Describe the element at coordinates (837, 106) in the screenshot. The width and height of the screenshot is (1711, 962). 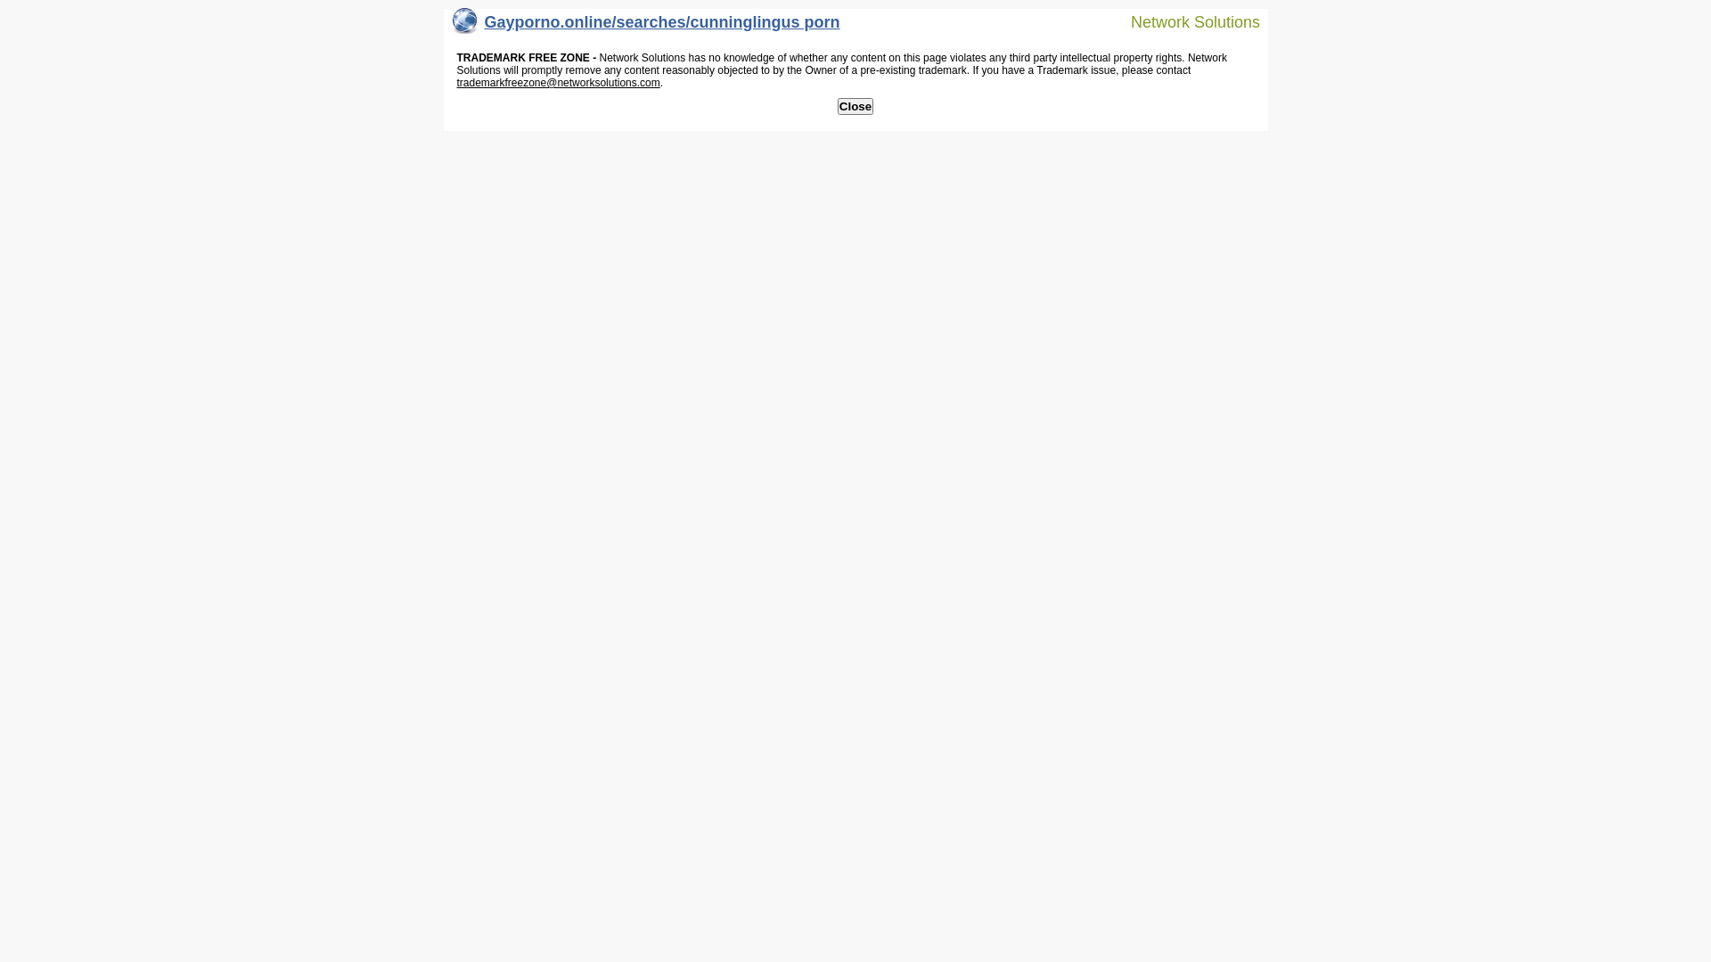
I see `'Close'` at that location.